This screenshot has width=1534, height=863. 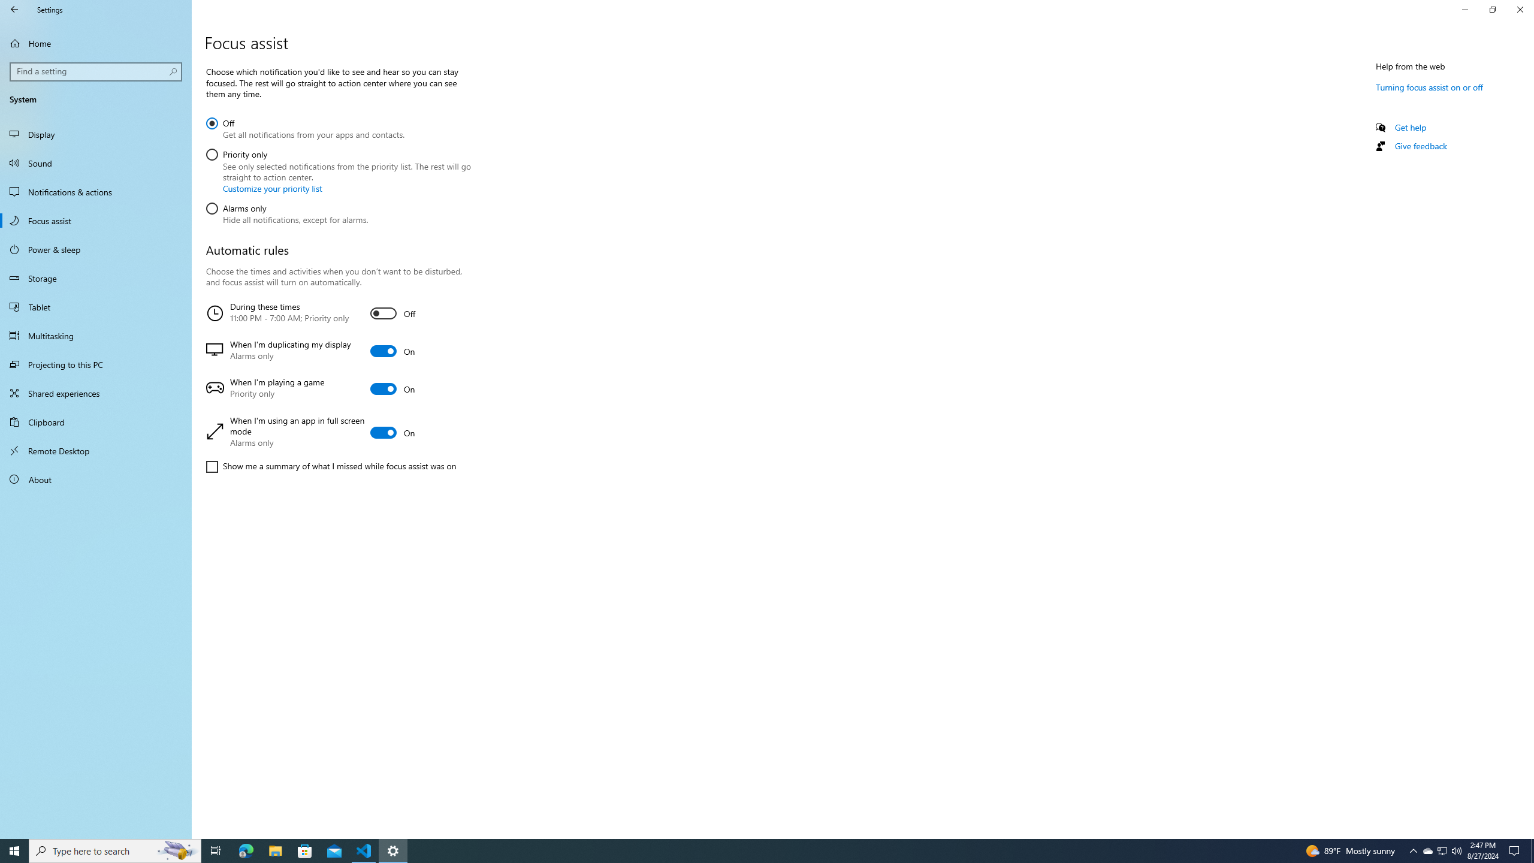 What do you see at coordinates (1441, 850) in the screenshot?
I see `'User Promoted Notification Area'` at bounding box center [1441, 850].